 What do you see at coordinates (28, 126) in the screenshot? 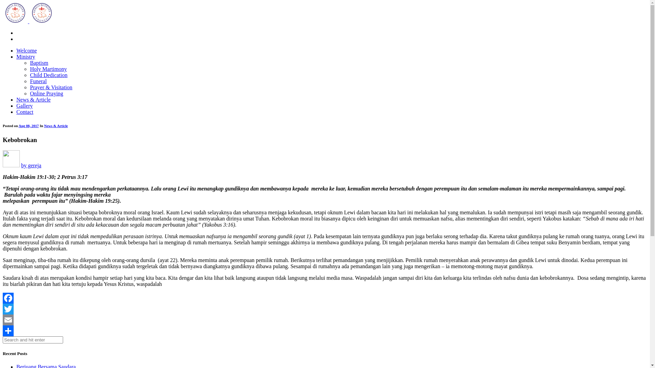
I see `'Aug 08, 2017'` at bounding box center [28, 126].